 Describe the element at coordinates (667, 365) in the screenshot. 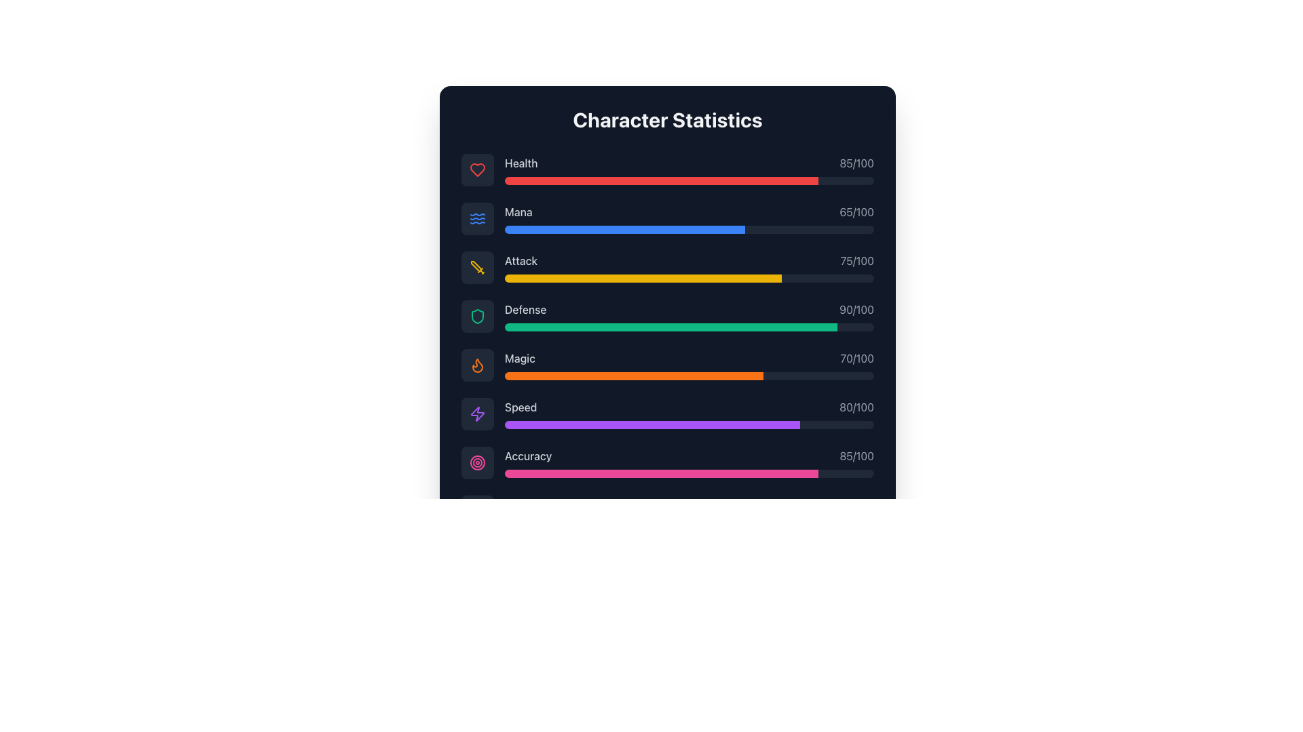

I see `the composite component that visually represents the 'Magic' attribute, which is the fifth element in a vertical list of progress indicators, located between 'Defense' and 'Speed'` at that location.